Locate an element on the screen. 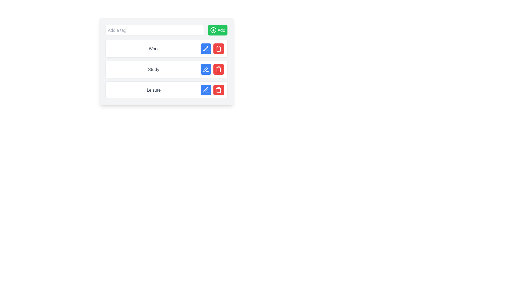  the ornamental icon representing the 'Add' button, located at the top right of the interface within a green rectangular button is located at coordinates (213, 30).